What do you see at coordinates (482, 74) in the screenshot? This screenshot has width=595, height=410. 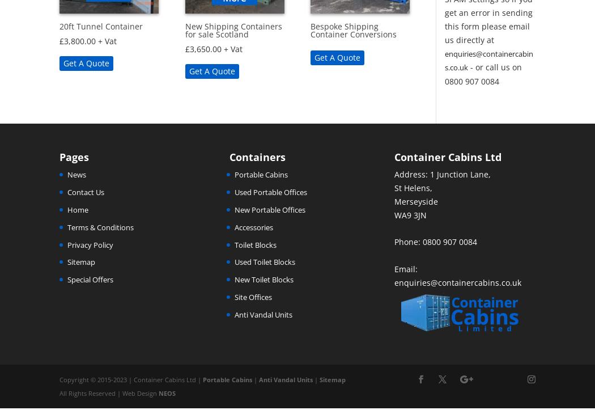 I see `'- or call us on 0800 907 0084'` at bounding box center [482, 74].